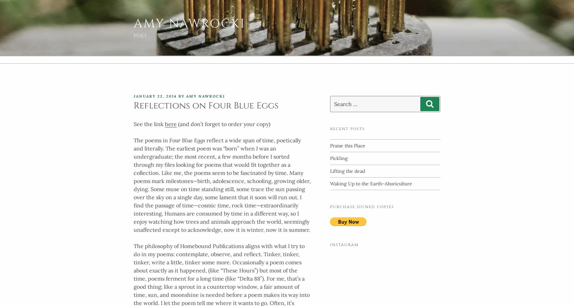 The height and width of the screenshot is (306, 574). Describe the element at coordinates (181, 96) in the screenshot. I see `'by'` at that location.